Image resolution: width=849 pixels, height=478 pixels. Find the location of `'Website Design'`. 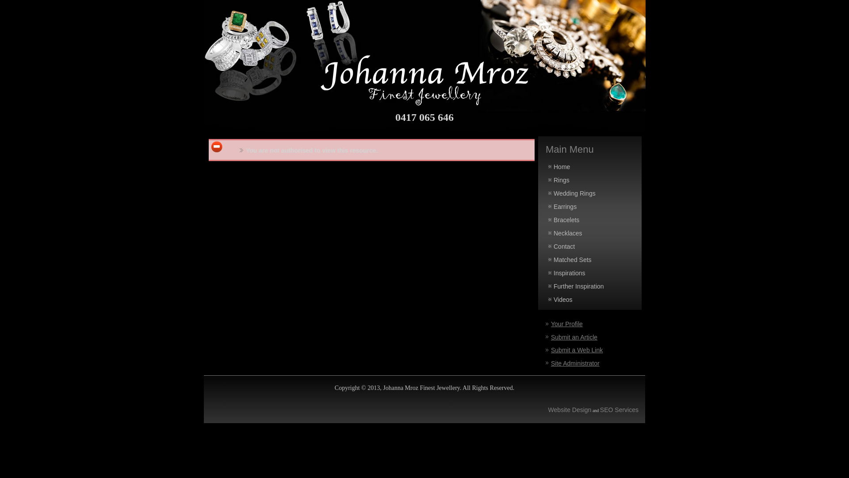

'Website Design' is located at coordinates (570, 409).